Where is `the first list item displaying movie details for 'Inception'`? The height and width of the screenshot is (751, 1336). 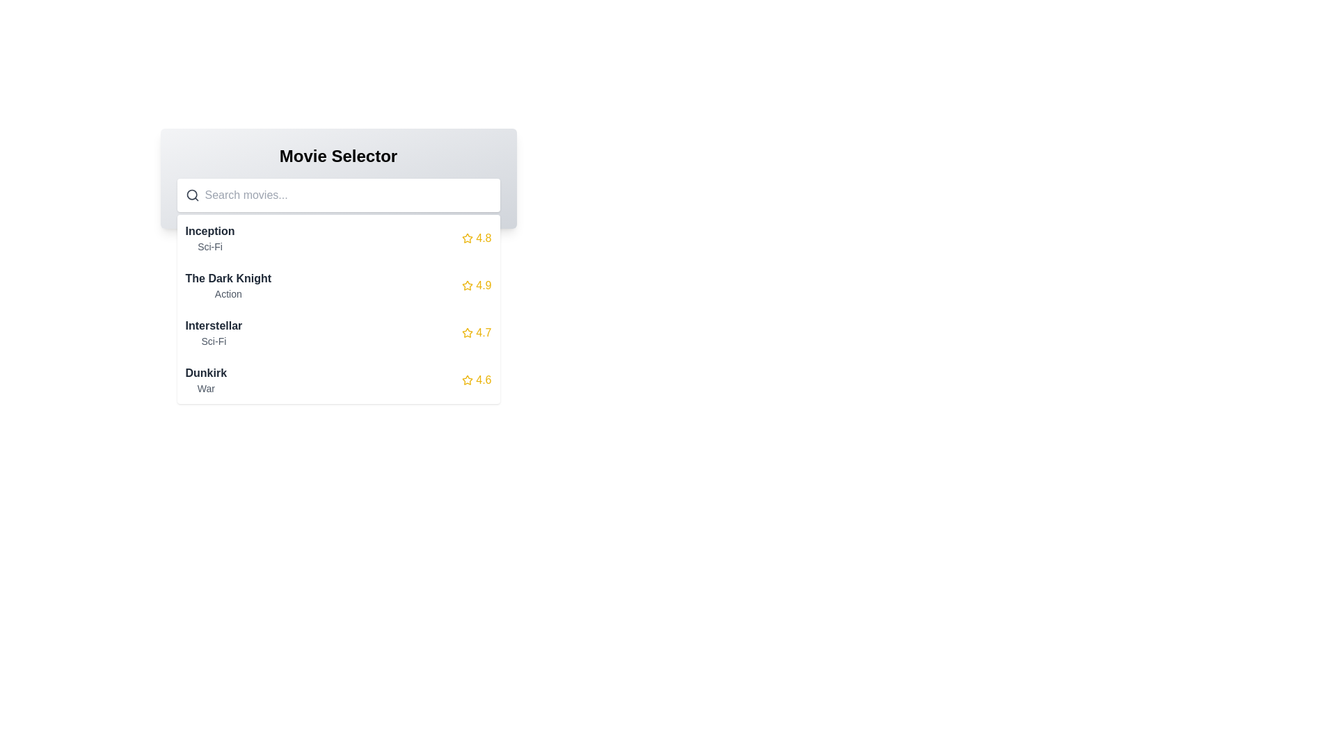
the first list item displaying movie details for 'Inception' is located at coordinates (338, 238).